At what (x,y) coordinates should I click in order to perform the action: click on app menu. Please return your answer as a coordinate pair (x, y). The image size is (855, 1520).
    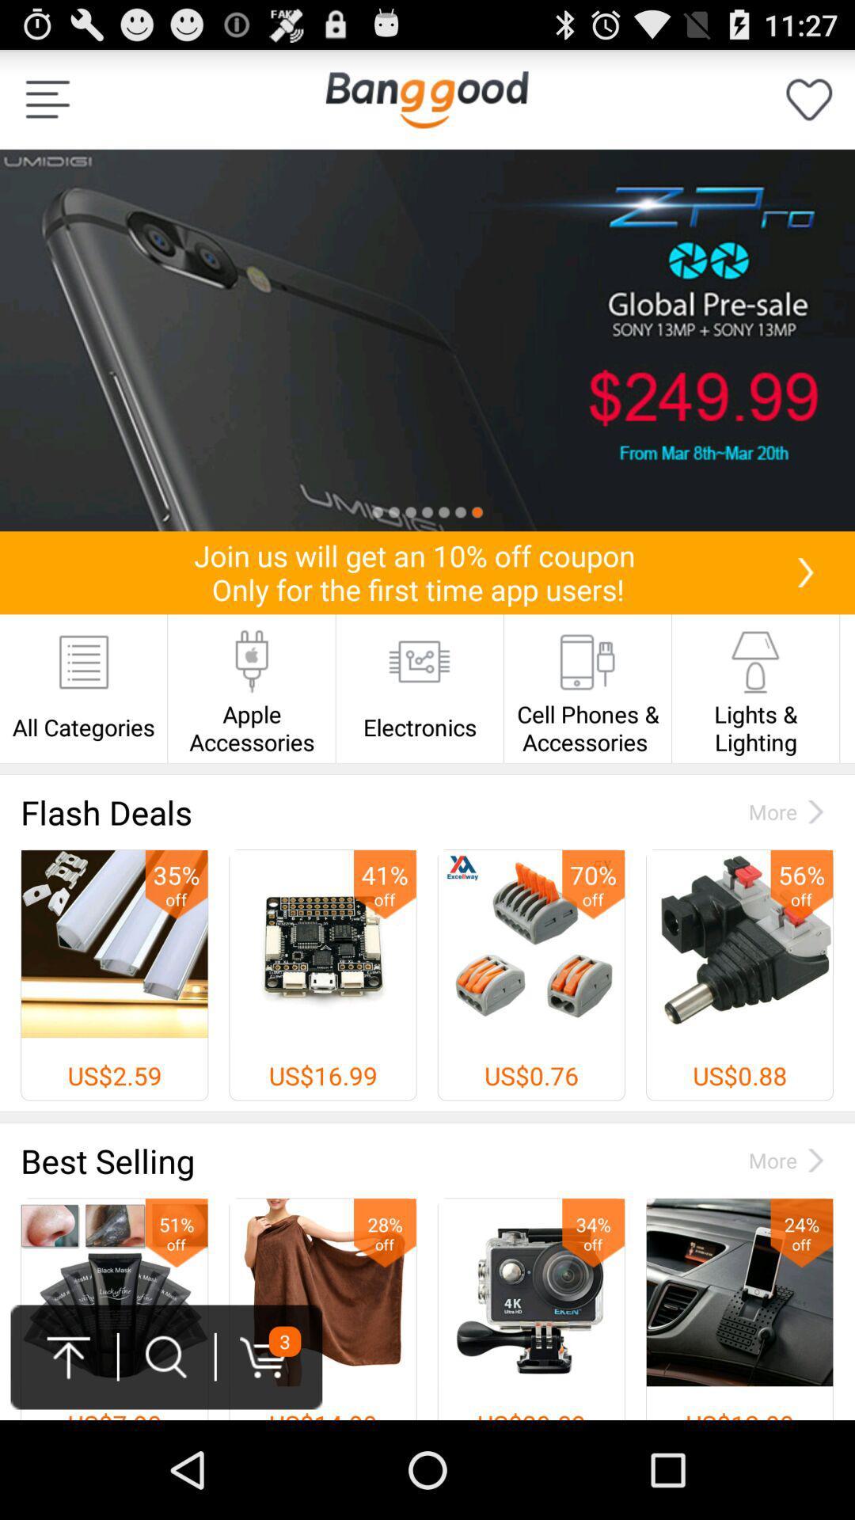
    Looking at the image, I should click on (47, 98).